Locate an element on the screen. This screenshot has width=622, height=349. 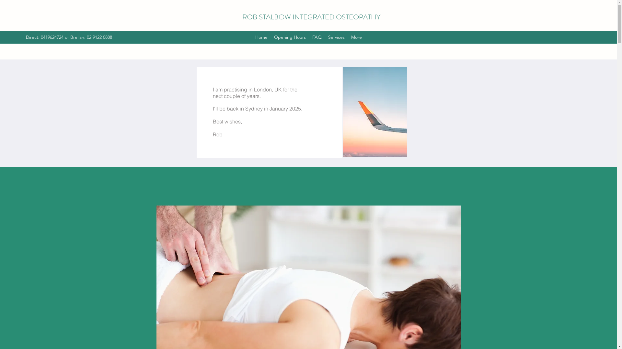
'Home' is located at coordinates (251, 37).